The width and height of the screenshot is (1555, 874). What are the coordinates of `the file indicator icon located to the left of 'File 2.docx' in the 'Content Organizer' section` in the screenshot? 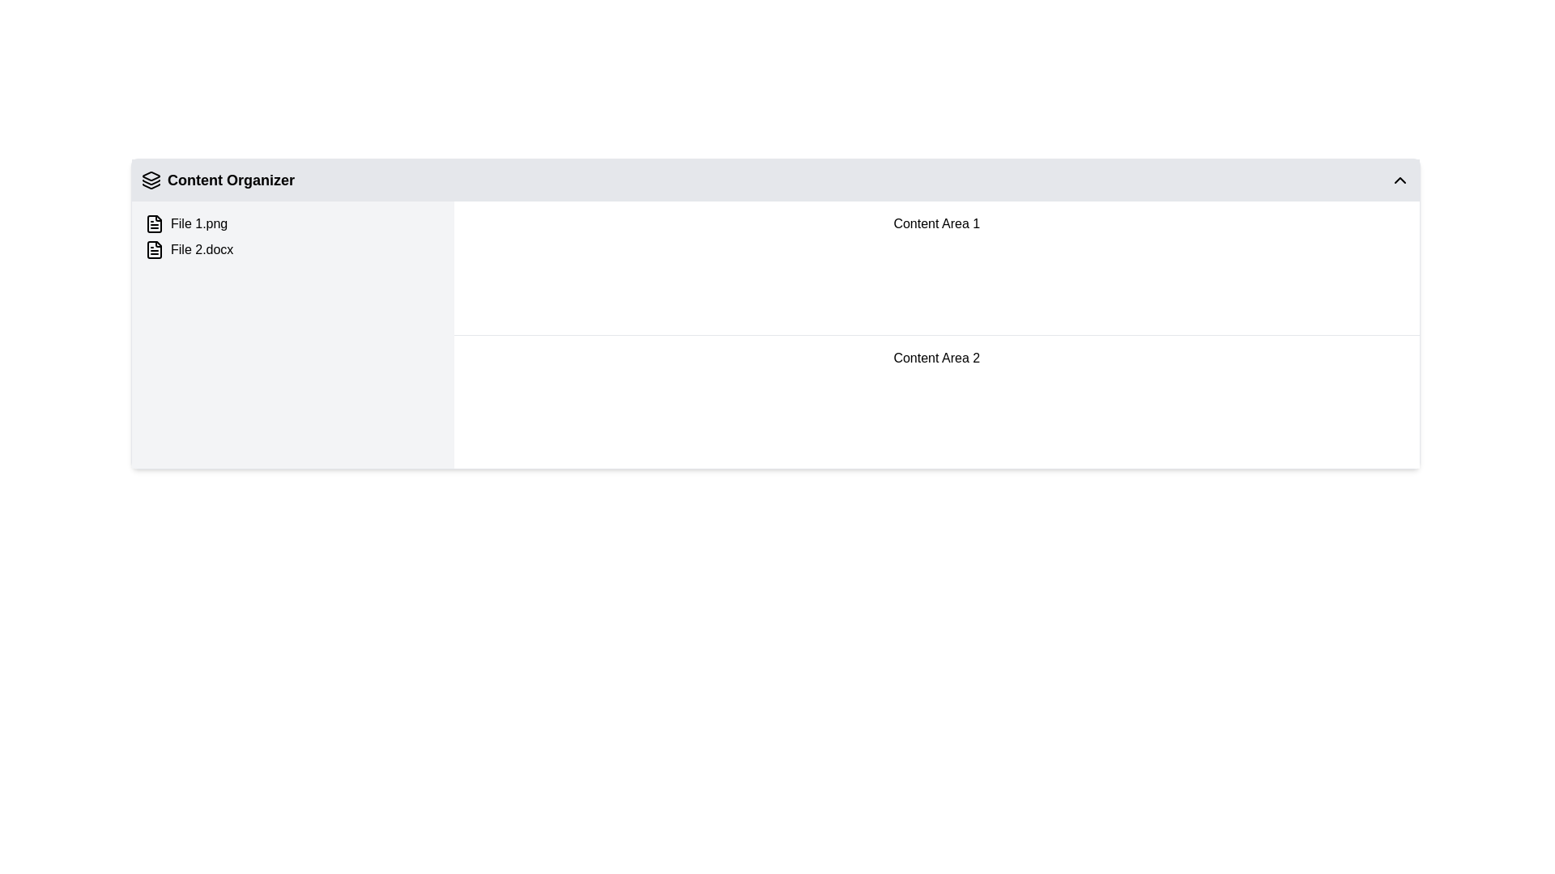 It's located at (155, 249).